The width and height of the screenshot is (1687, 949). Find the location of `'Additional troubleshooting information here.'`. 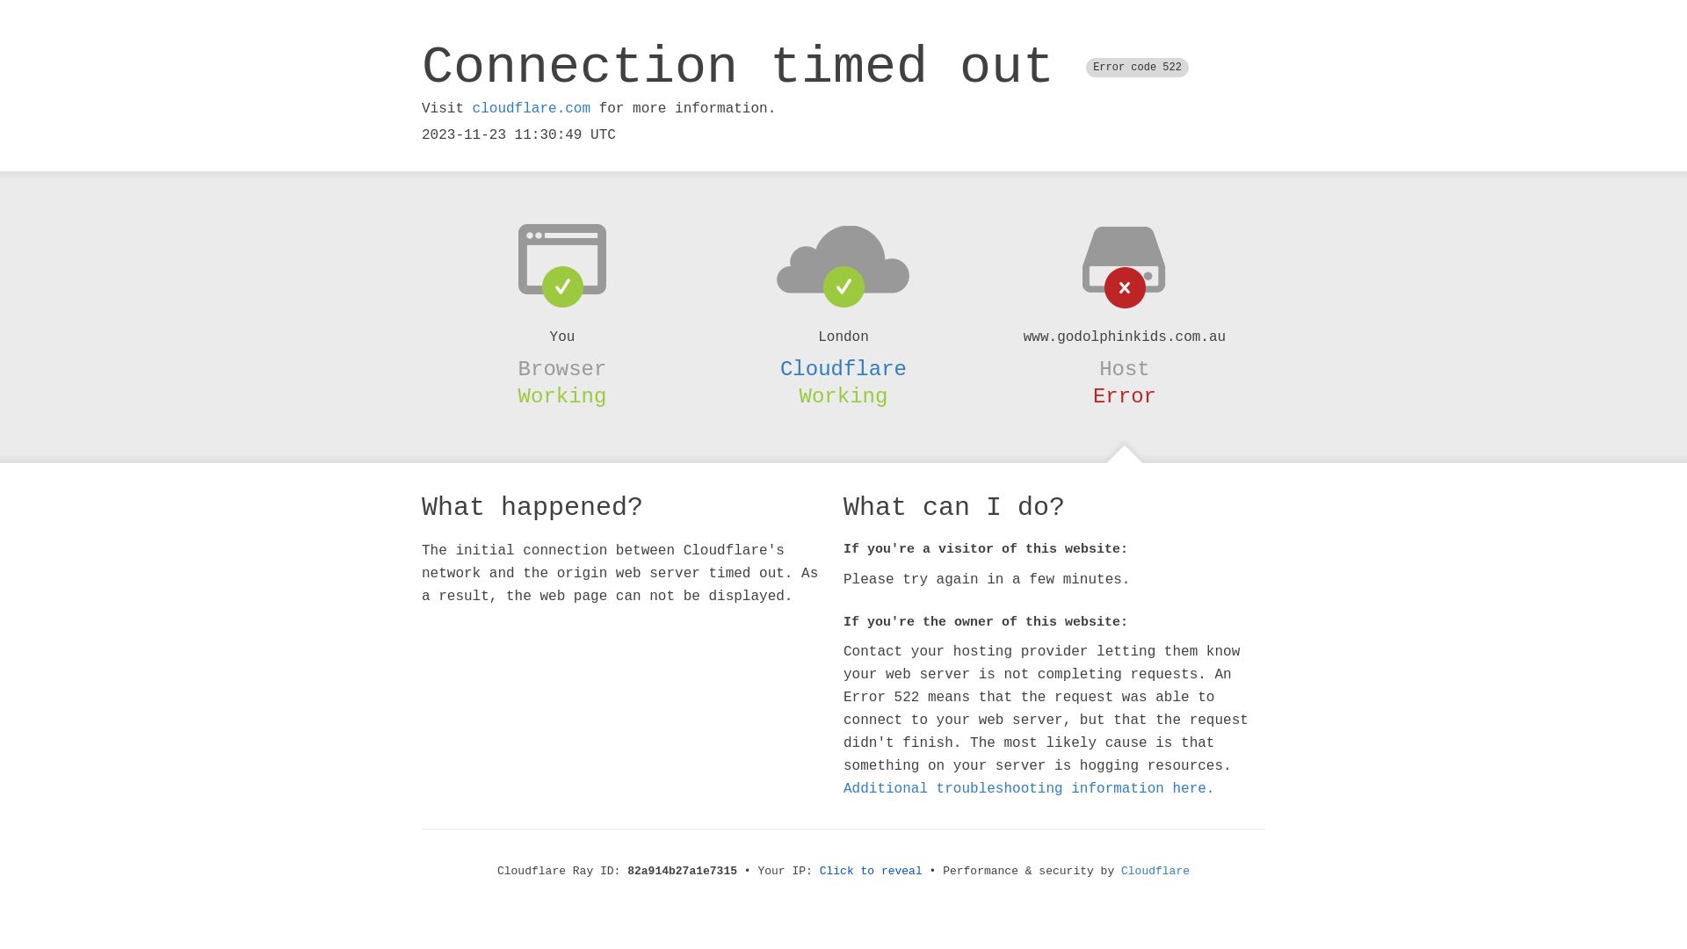

'Additional troubleshooting information here.' is located at coordinates (1029, 788).